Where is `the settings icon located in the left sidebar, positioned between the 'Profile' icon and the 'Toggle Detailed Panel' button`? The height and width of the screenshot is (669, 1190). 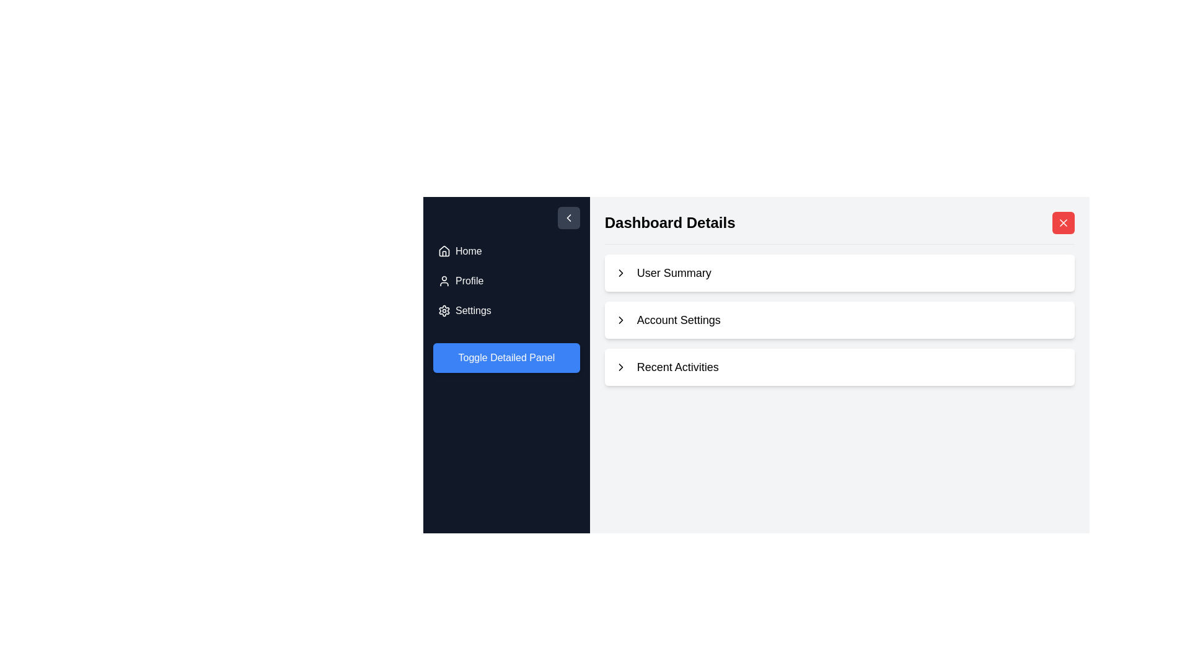
the settings icon located in the left sidebar, positioned between the 'Profile' icon and the 'Toggle Detailed Panel' button is located at coordinates (444, 310).